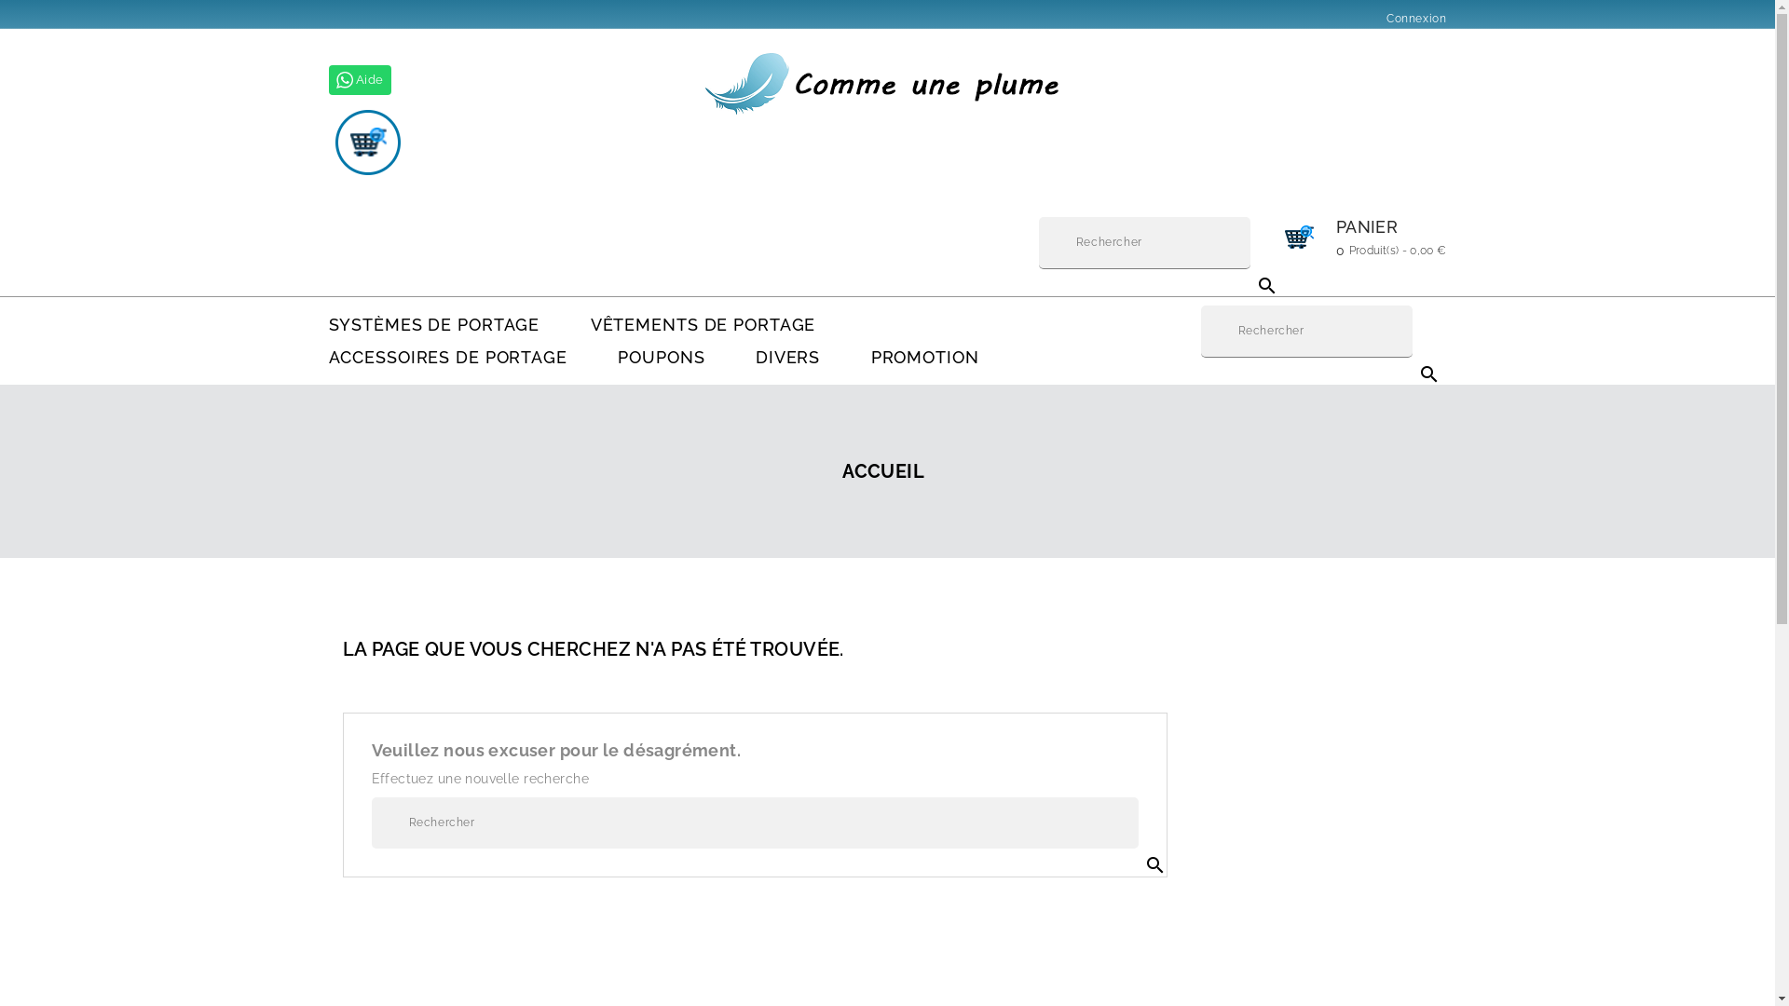 The width and height of the screenshot is (1789, 1006). What do you see at coordinates (925, 357) in the screenshot?
I see `'PROMOTION'` at bounding box center [925, 357].